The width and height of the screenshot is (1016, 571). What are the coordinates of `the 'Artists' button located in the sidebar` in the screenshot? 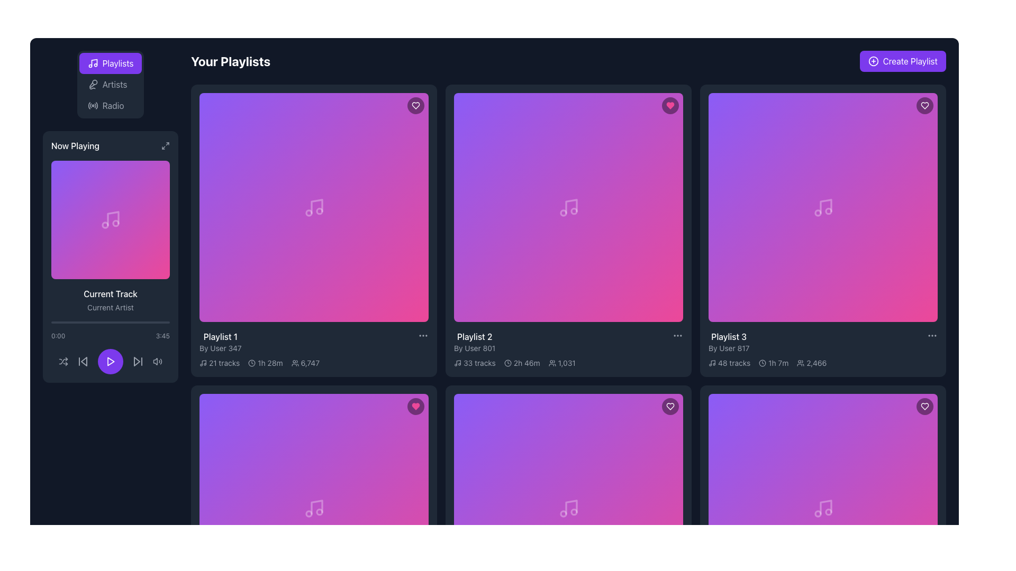 It's located at (107, 84).